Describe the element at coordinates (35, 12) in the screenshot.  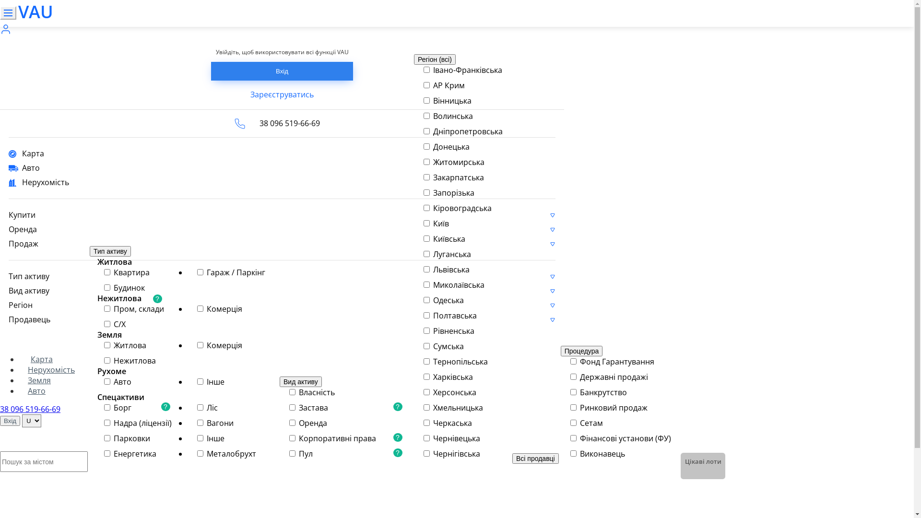
I see `'VAU'` at that location.